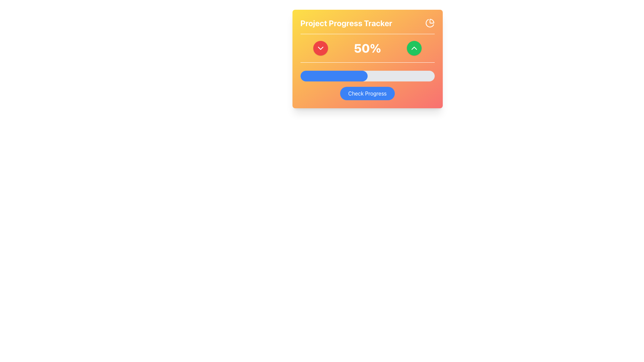  I want to click on the decrement button located to the left of the text '50%', so click(320, 48).